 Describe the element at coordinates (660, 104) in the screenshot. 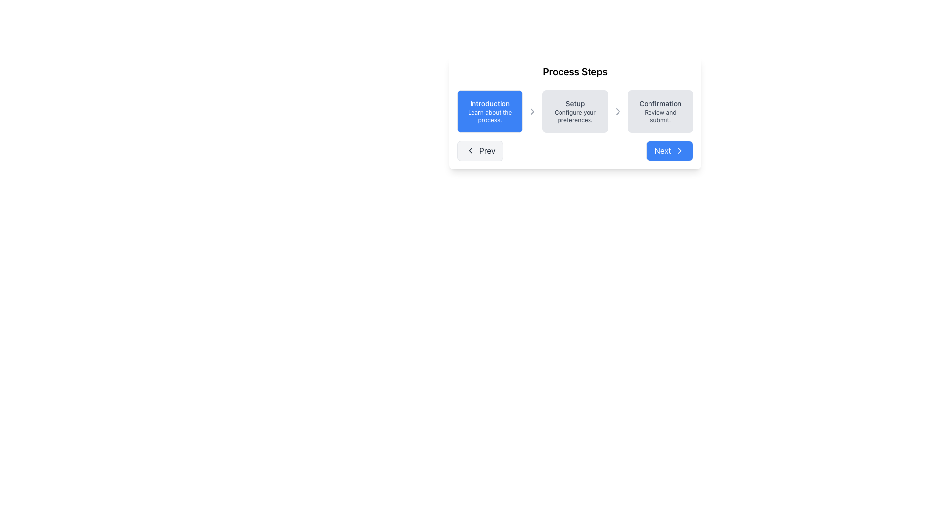

I see `the 'Confirmation' text label, which is styled in a smaller font size with medium weight, located within a light gray background and rounded corners, at the rightmost end of the horizontal step indicator section` at that location.